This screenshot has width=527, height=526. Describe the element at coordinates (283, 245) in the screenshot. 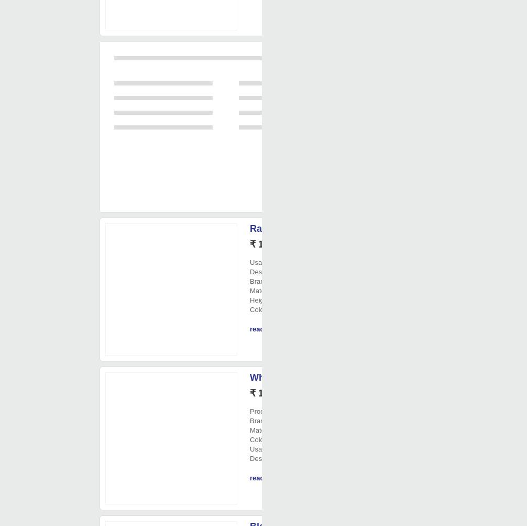

I see `'Unit'` at that location.